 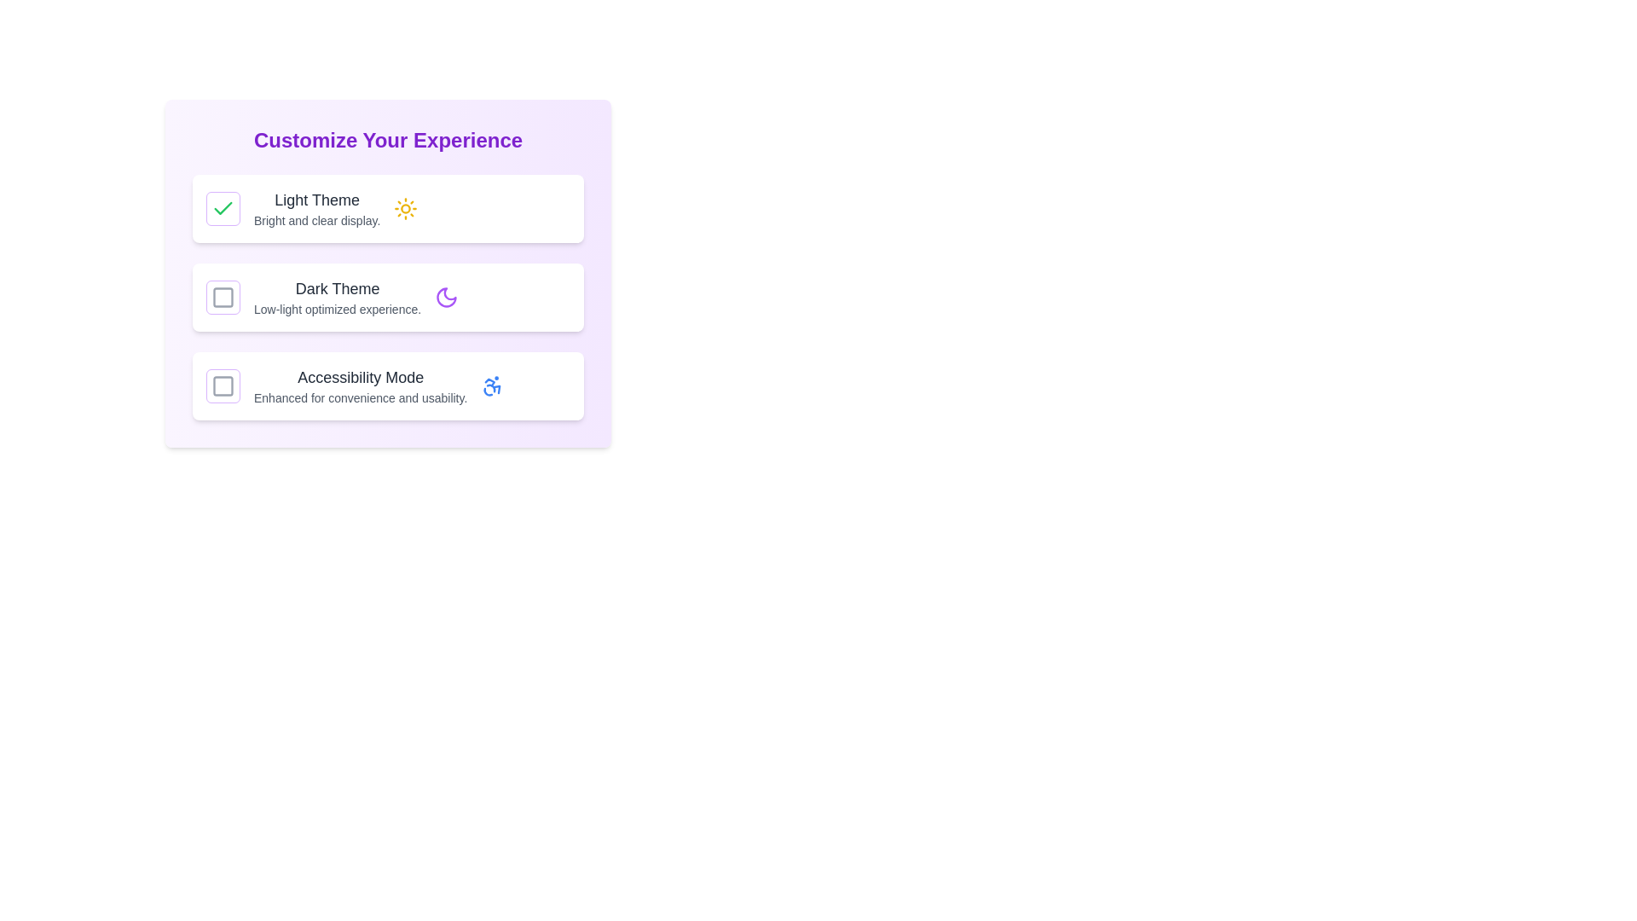 What do you see at coordinates (360, 397) in the screenshot?
I see `the text label that reads 'Enhanced for convenience and usability.' positioned below the 'Accessibility Mode' header in the third card component` at bounding box center [360, 397].